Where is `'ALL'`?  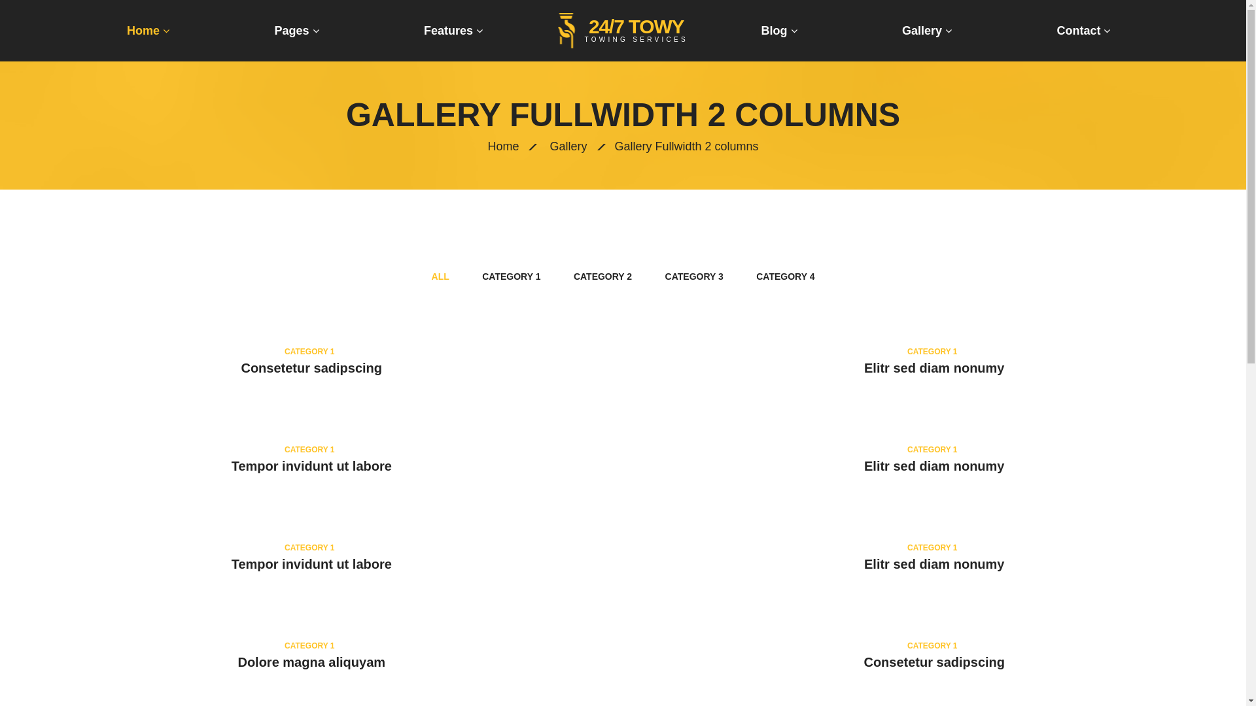
'ALL' is located at coordinates (440, 276).